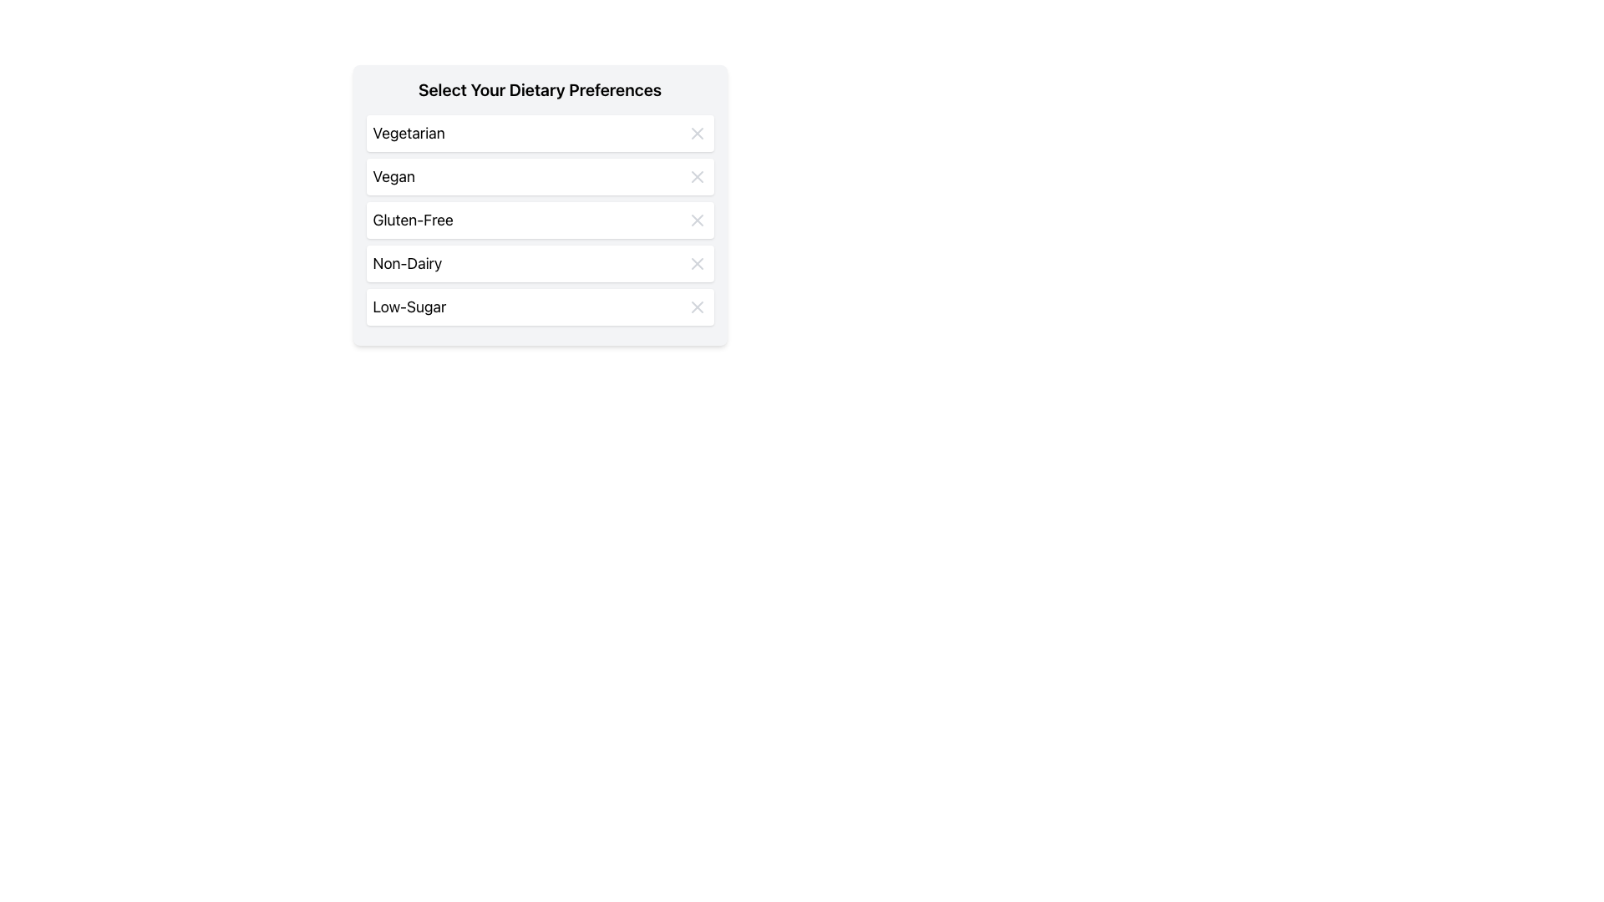  Describe the element at coordinates (697, 177) in the screenshot. I see `the gray cross icon located to the right of the 'Vegan' dietary preference label` at that location.